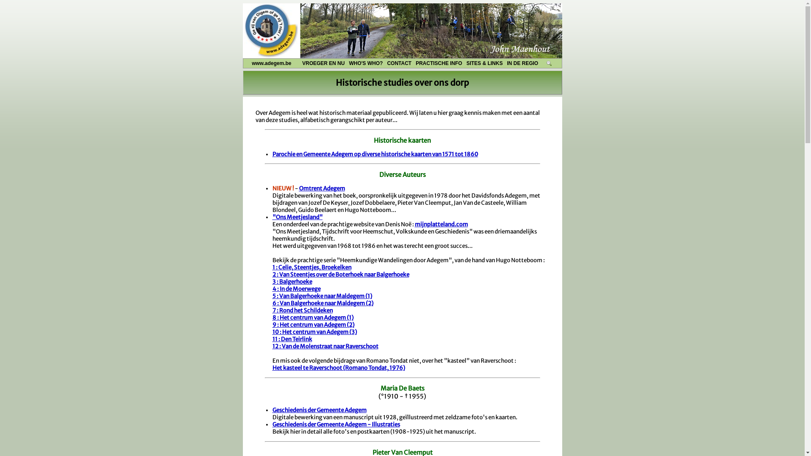 This screenshot has height=456, width=811. Describe the element at coordinates (414, 63) in the screenshot. I see `'PRACTISCHE INFO'` at that location.